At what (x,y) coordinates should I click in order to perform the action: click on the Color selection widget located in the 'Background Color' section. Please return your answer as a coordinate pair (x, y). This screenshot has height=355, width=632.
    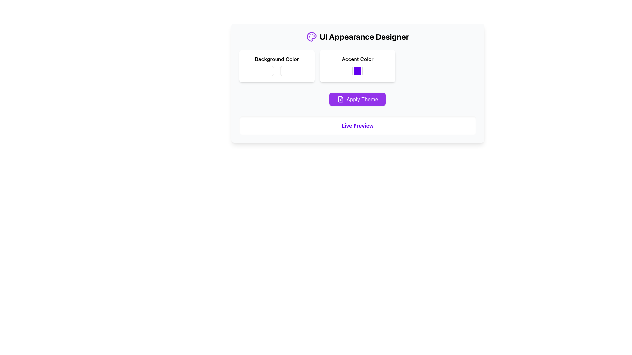
    Looking at the image, I should click on (277, 71).